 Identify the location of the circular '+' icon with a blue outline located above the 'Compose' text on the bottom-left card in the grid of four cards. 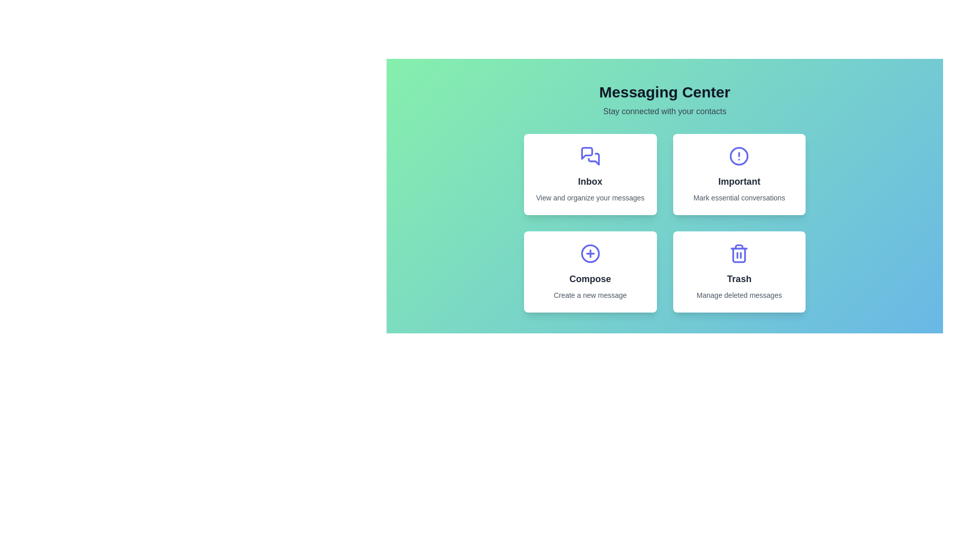
(590, 253).